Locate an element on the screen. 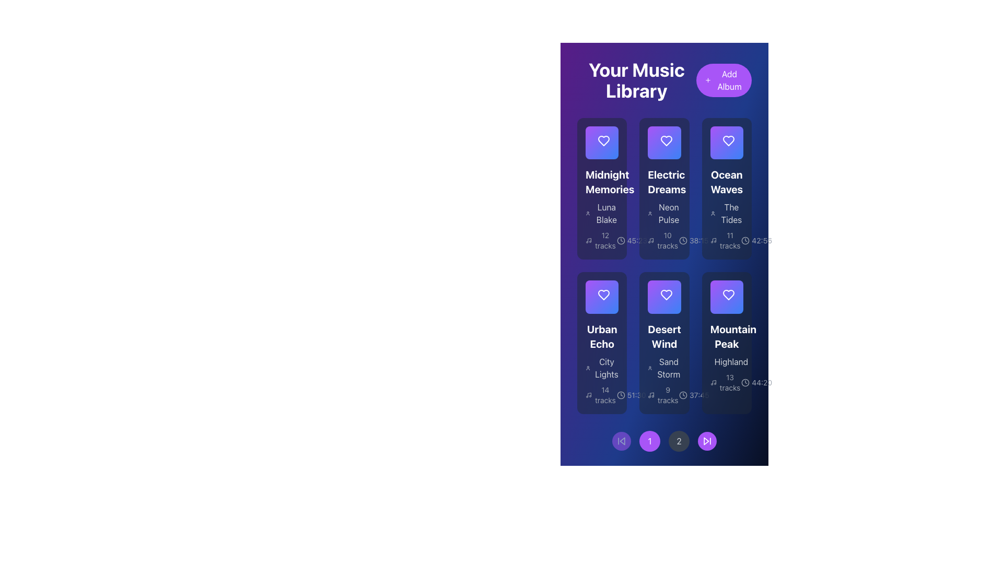 The width and height of the screenshot is (1003, 564). the heart-shaped icon with a purple outline located in the topmost card labeled 'Midnight Memories' to mark it as a favorite is located at coordinates (604, 141).